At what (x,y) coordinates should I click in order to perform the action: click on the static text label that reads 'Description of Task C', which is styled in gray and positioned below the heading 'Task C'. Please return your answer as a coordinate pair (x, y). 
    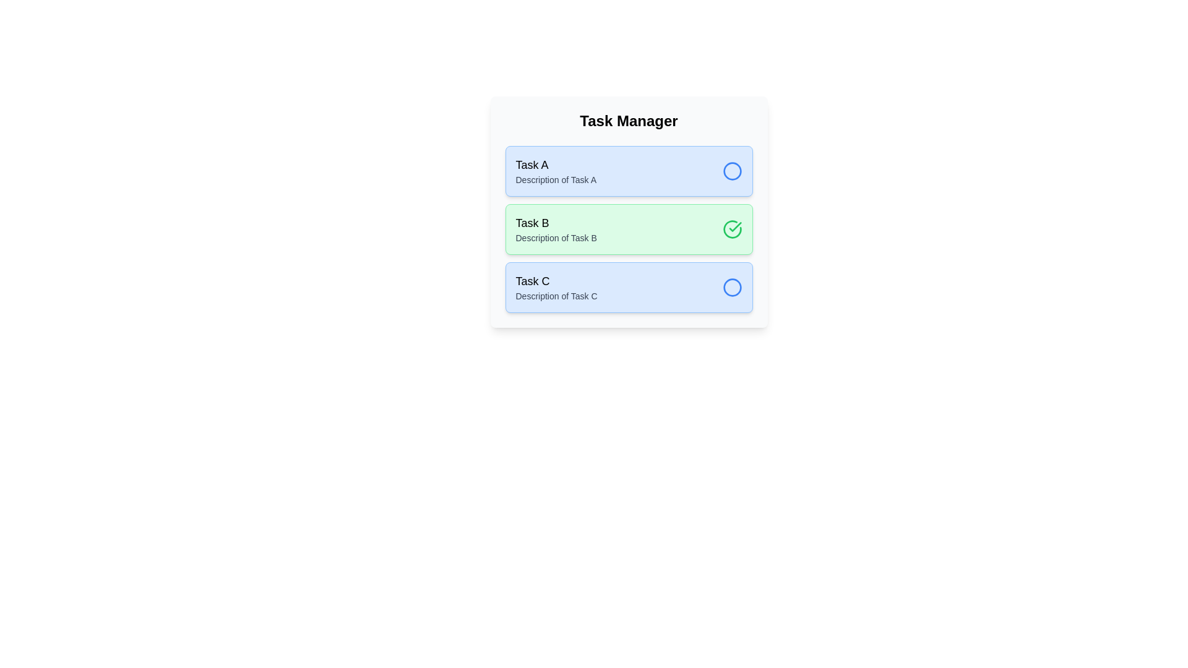
    Looking at the image, I should click on (556, 296).